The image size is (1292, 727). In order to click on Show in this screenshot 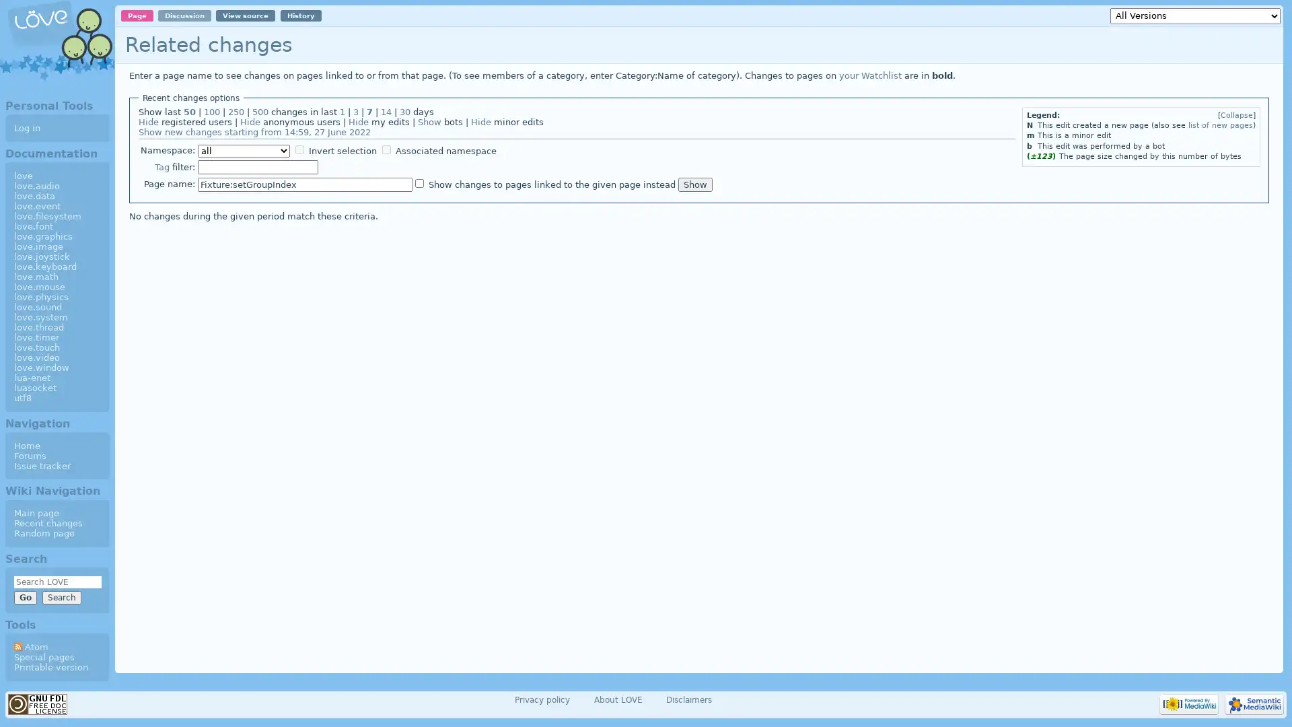, I will do `click(694, 184)`.